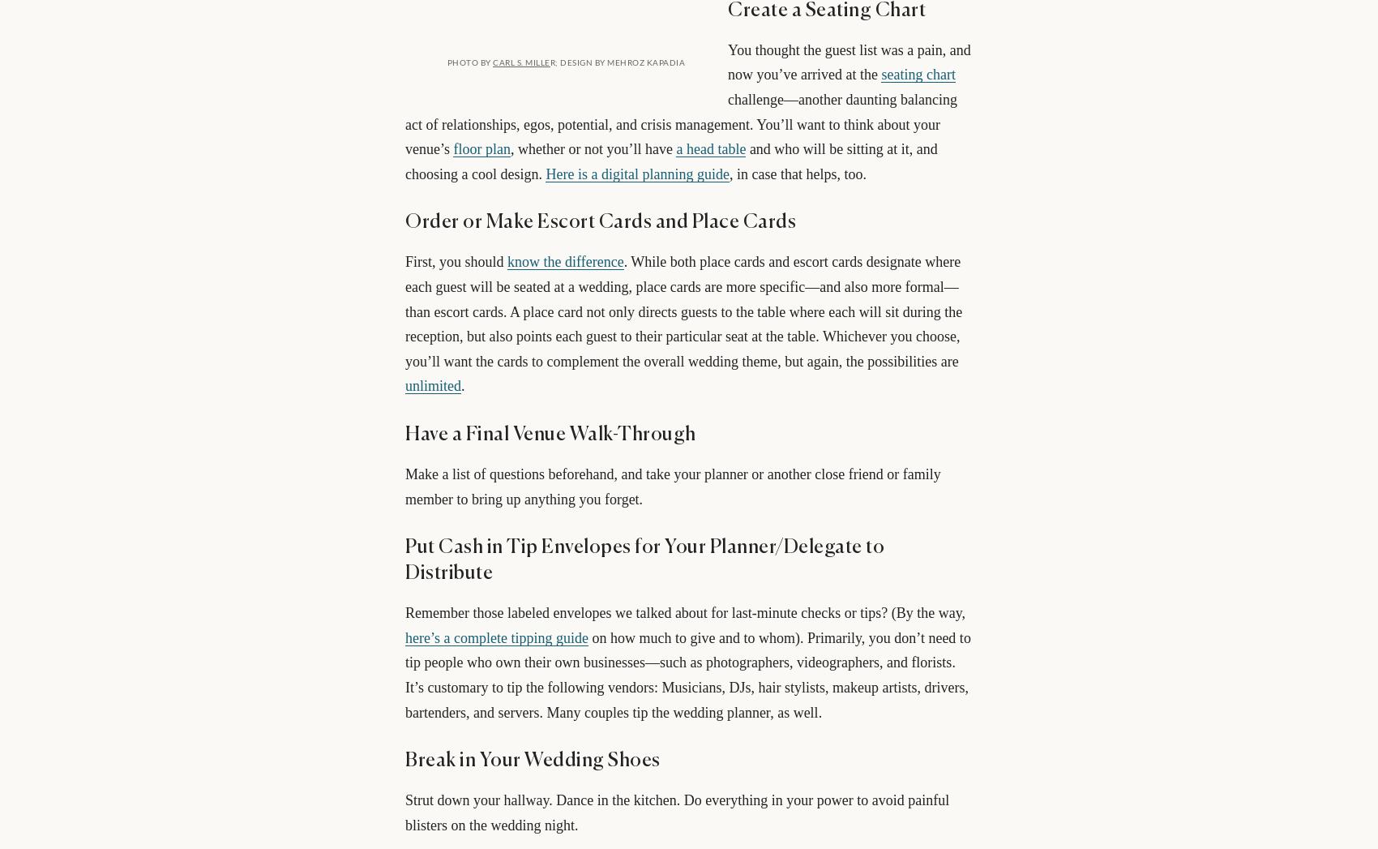  Describe the element at coordinates (480, 148) in the screenshot. I see `'floor plan'` at that location.